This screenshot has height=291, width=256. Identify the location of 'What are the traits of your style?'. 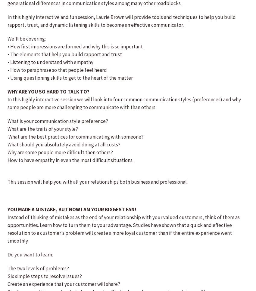
(43, 129).